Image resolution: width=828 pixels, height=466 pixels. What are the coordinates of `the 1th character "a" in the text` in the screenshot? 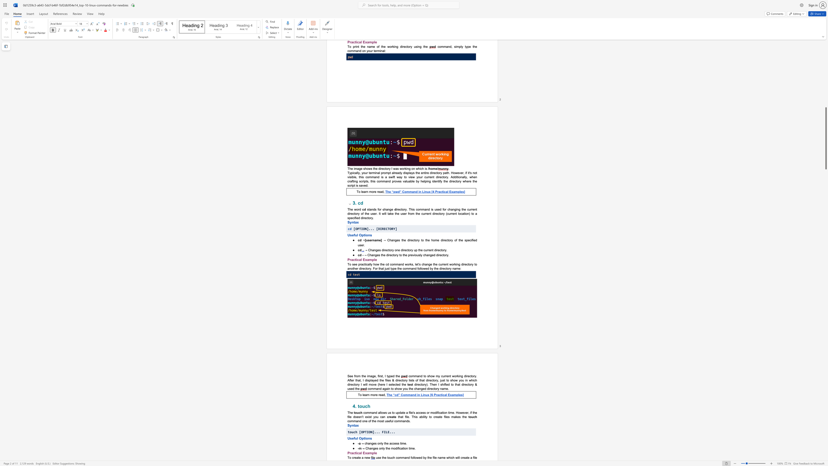 It's located at (357, 421).